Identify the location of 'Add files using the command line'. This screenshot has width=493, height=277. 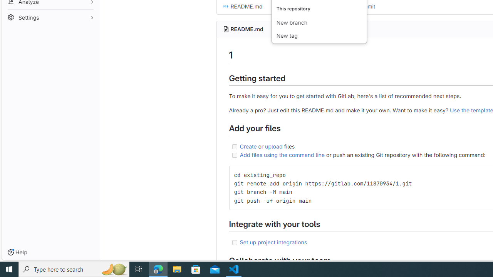
(282, 155).